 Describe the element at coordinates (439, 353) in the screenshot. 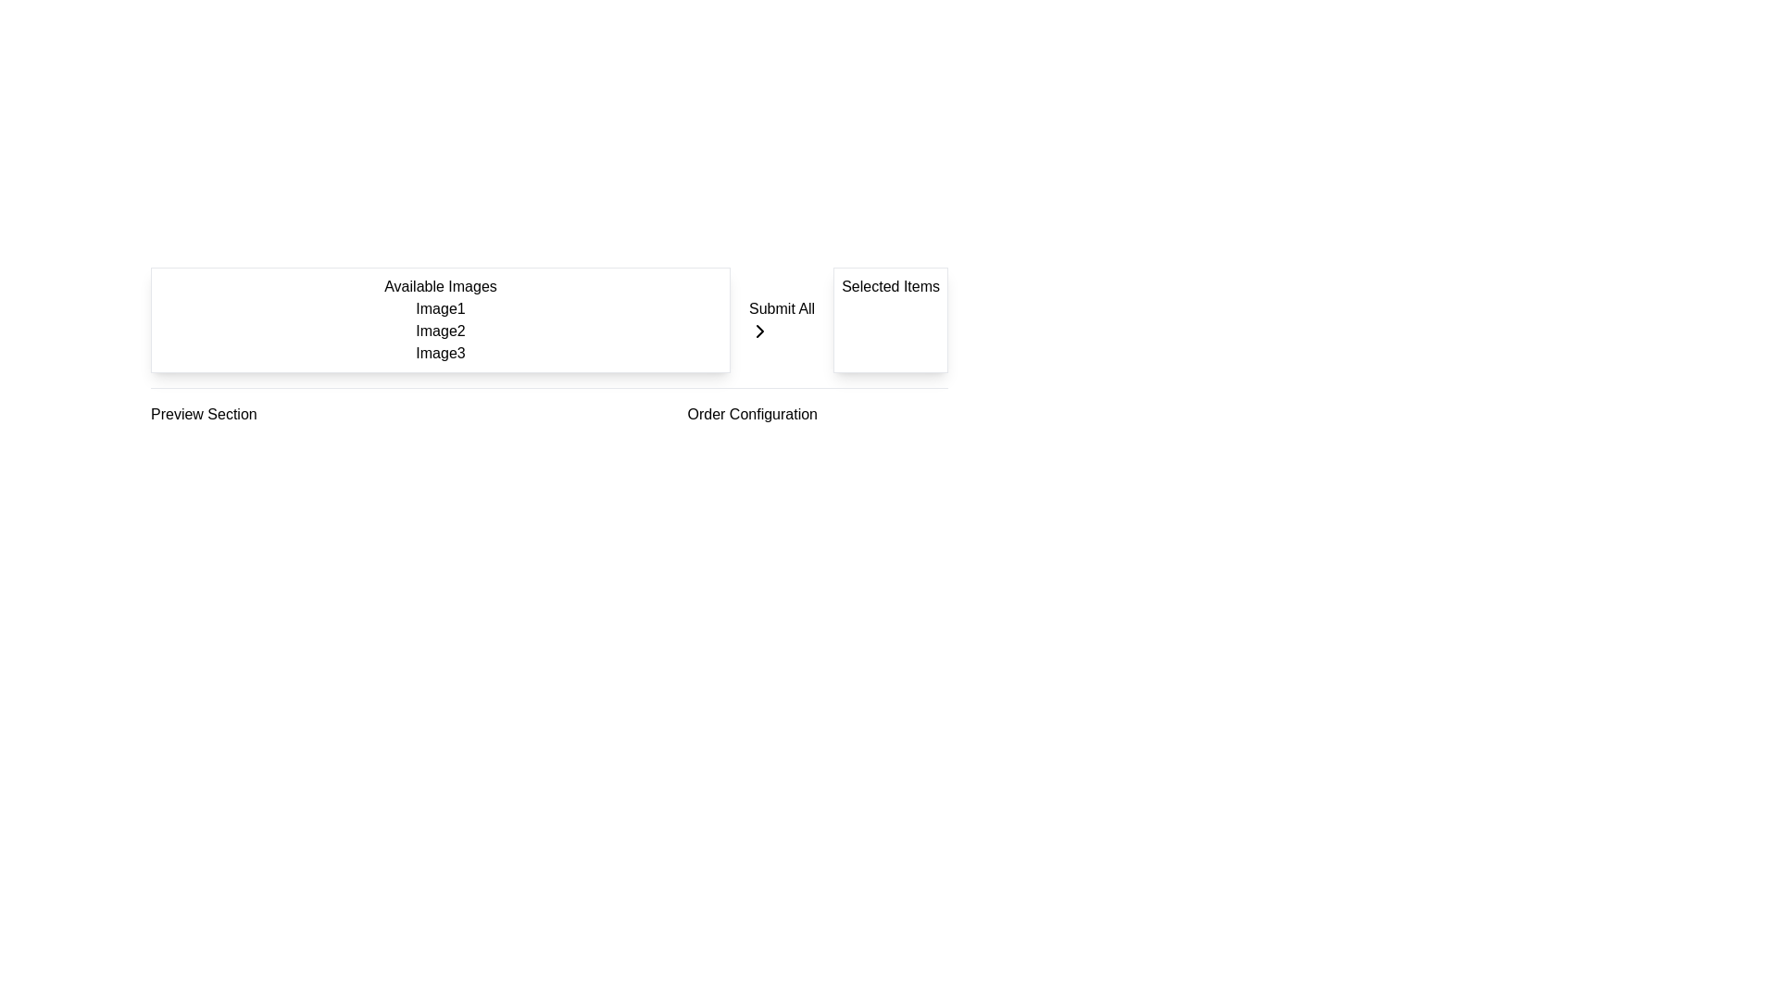

I see `the image Image3 in the 'Available Images' list` at that location.